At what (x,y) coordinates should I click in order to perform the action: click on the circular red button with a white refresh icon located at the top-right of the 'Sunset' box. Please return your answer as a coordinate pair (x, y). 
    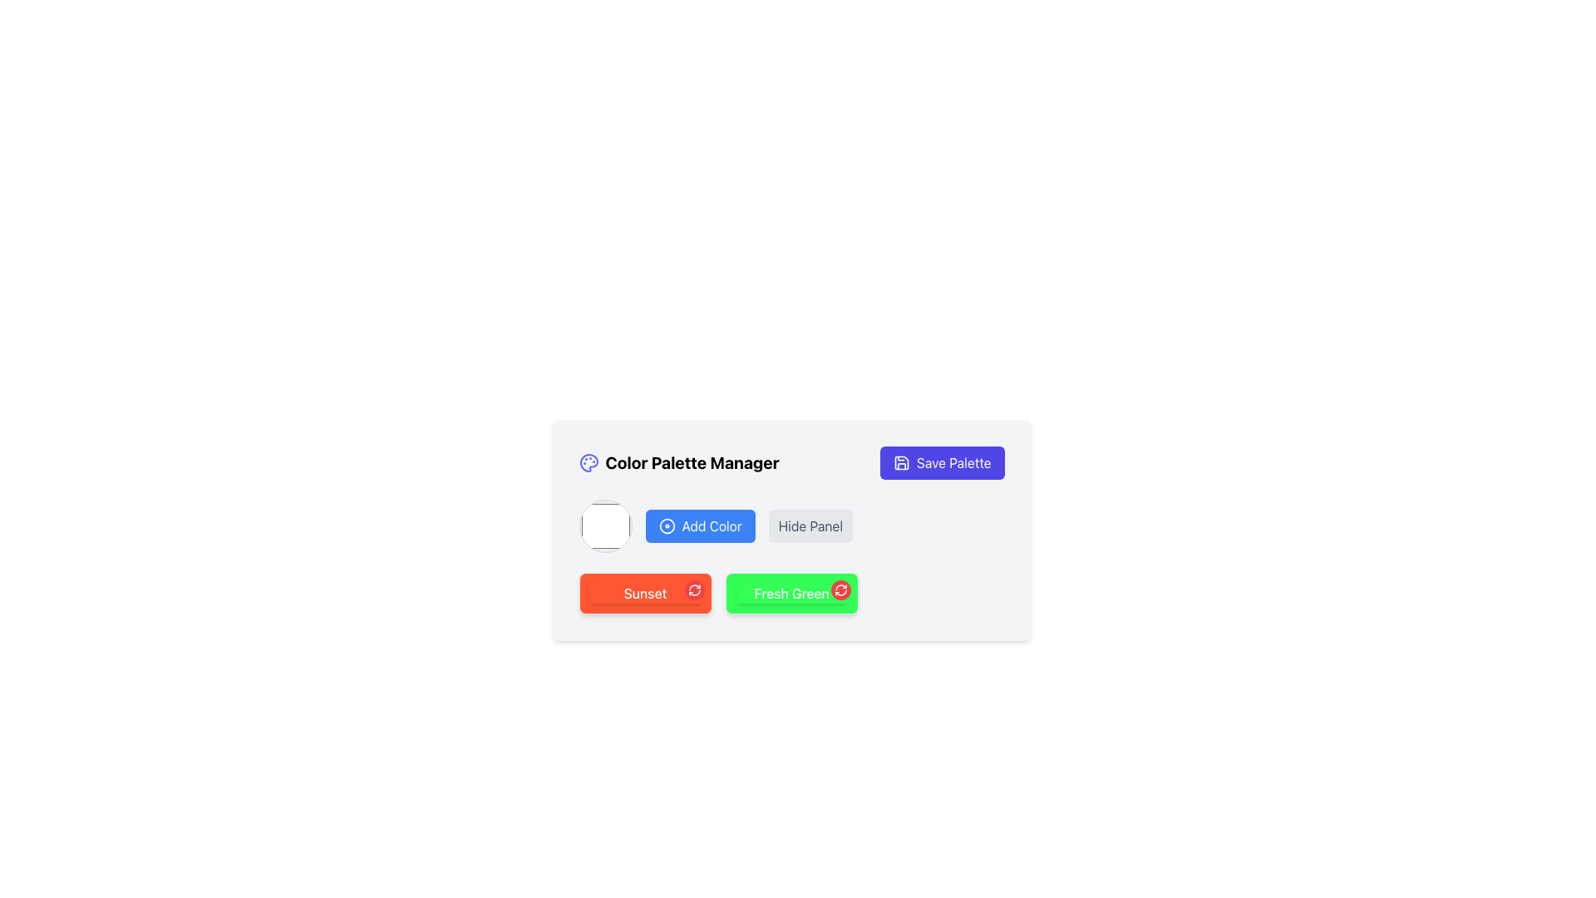
    Looking at the image, I should click on (694, 589).